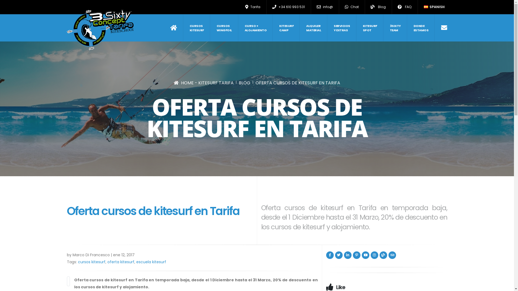  I want to click on 'escuela kitesurf', so click(151, 262).